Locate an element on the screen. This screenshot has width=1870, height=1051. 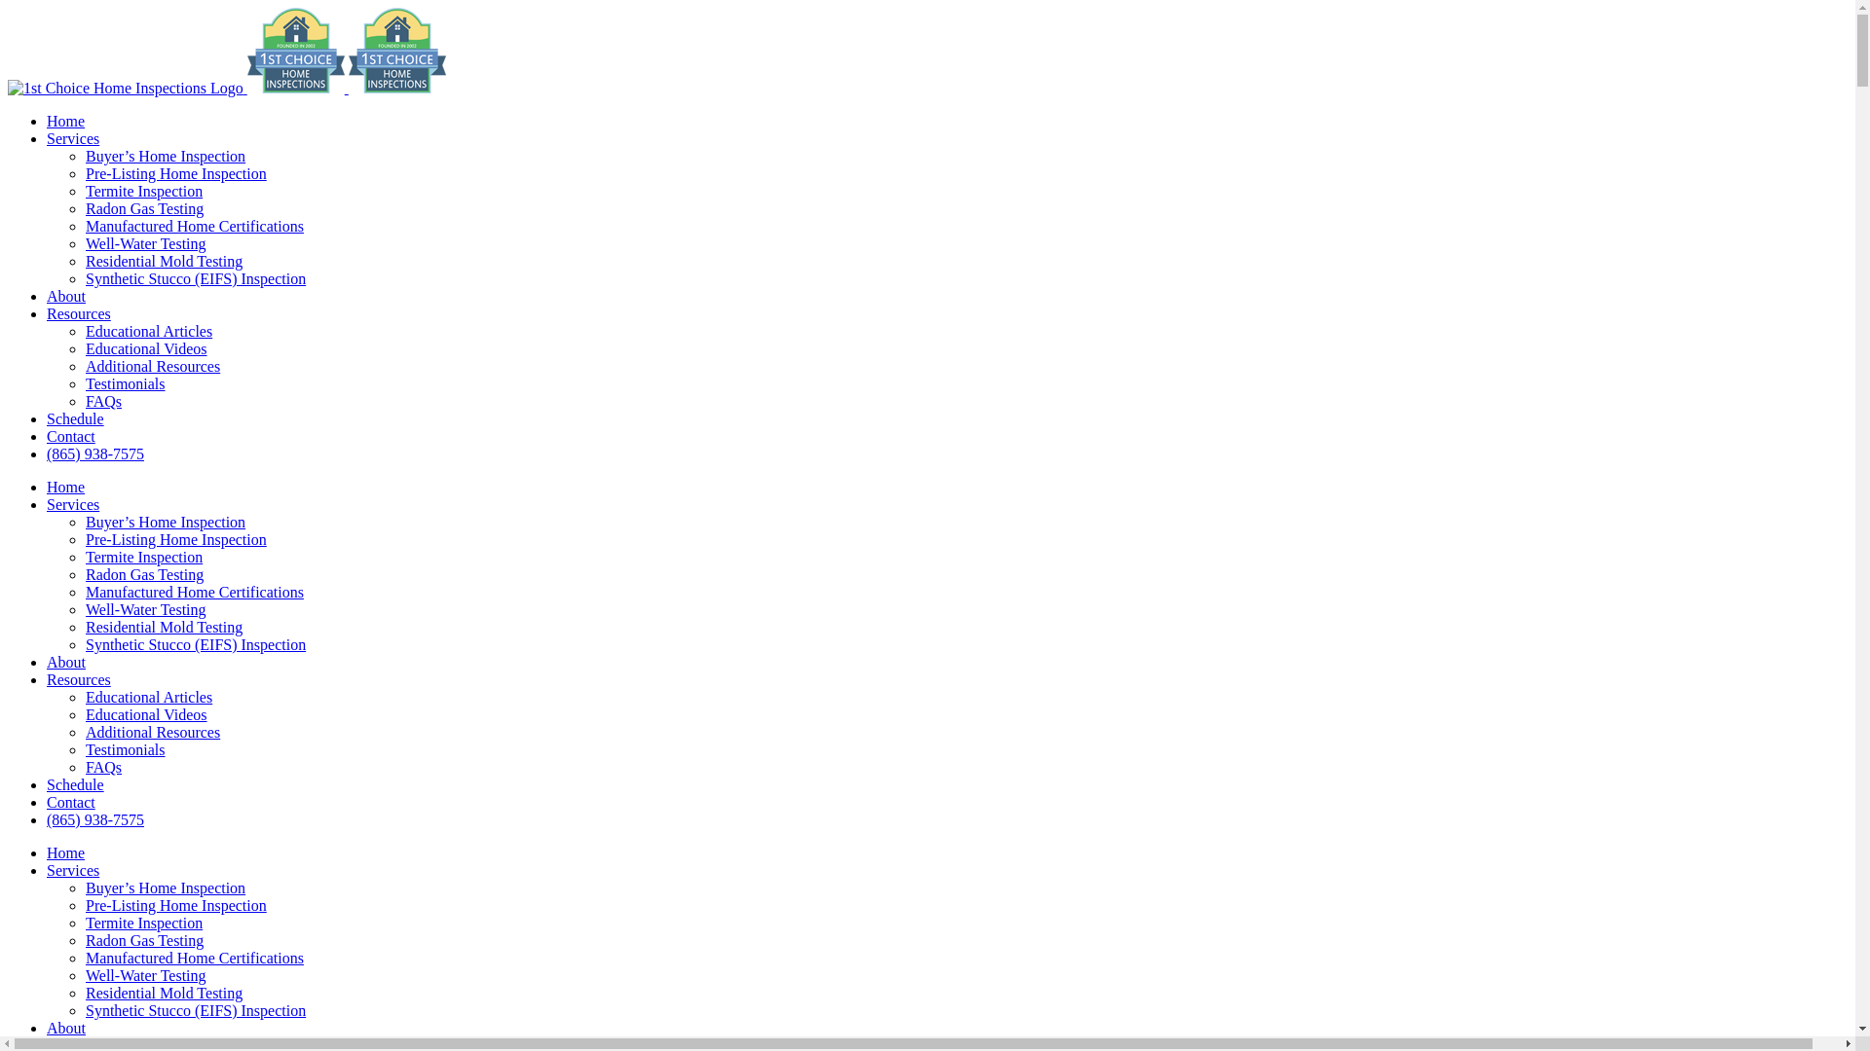
'Home' is located at coordinates (65, 852).